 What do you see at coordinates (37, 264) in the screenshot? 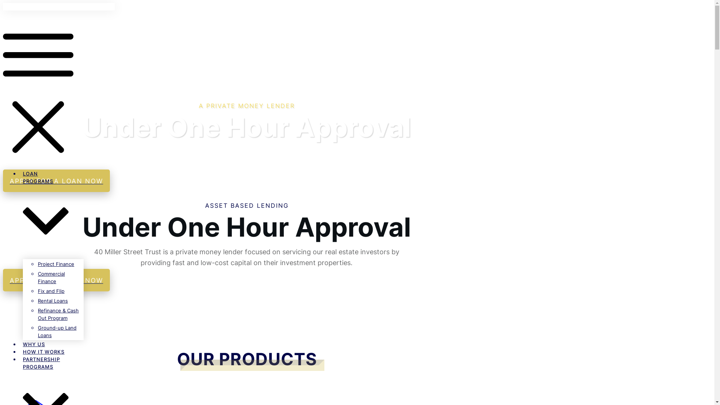
I see `'Project Finance'` at bounding box center [37, 264].